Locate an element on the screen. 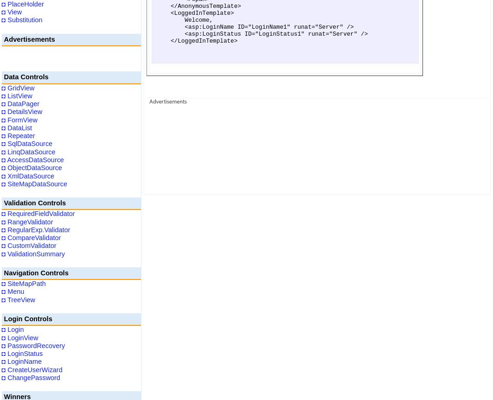  'Data Controls' is located at coordinates (3, 76).